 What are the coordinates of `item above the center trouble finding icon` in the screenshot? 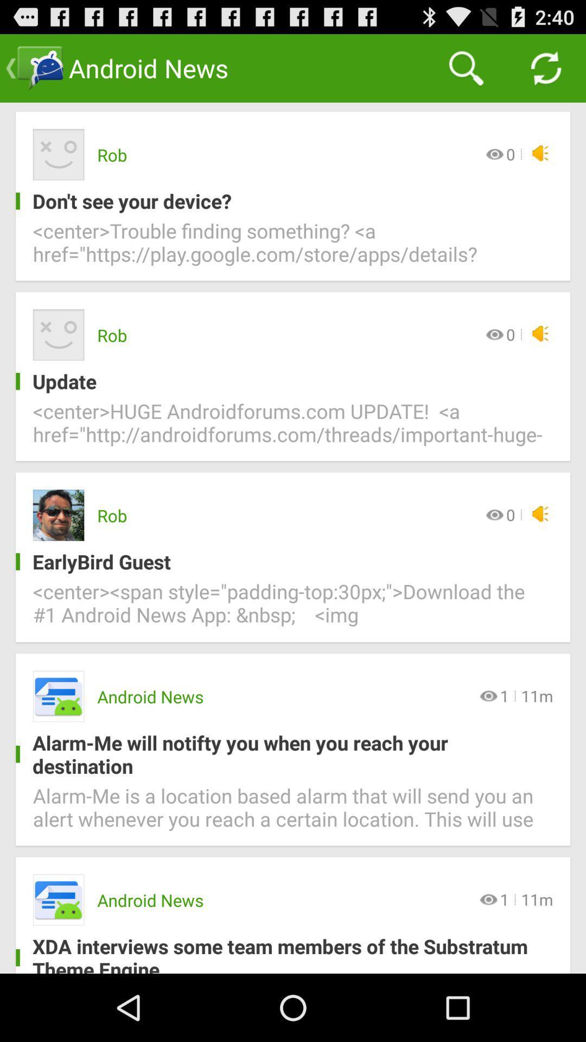 It's located at (284, 201).